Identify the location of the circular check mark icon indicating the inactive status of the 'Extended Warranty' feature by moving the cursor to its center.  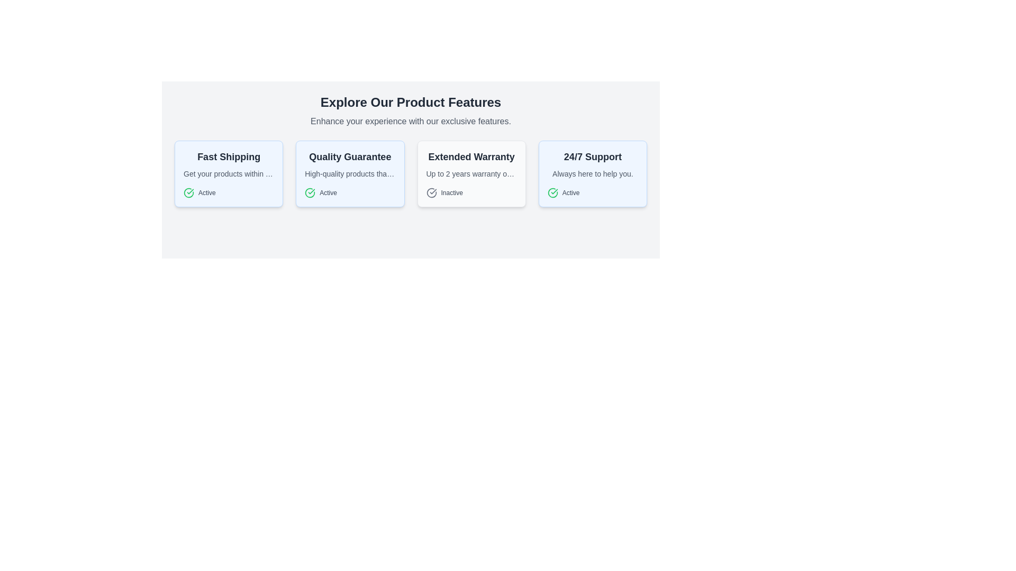
(431, 193).